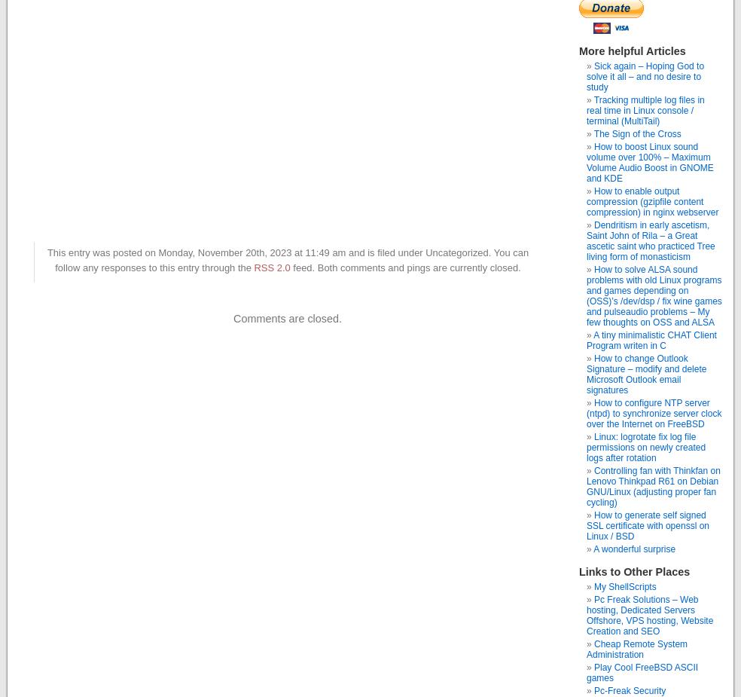 Image resolution: width=741 pixels, height=697 pixels. I want to click on 'Comments are closed.', so click(232, 316).